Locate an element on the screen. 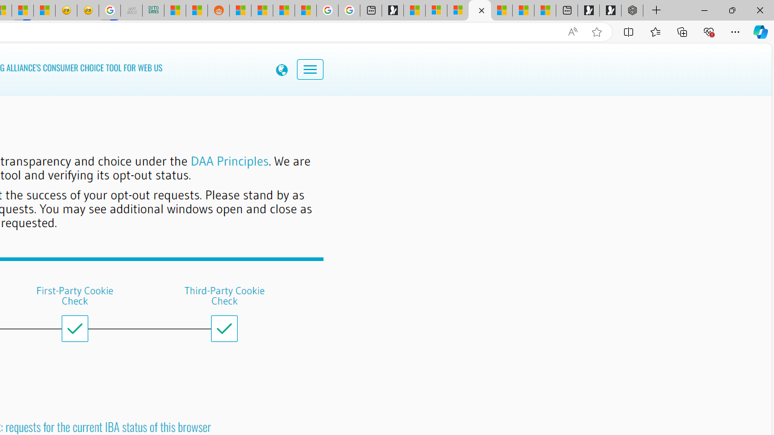 This screenshot has height=435, width=774. 'R******* | Trusted Community Engagement and Contributions' is located at coordinates (240, 10).